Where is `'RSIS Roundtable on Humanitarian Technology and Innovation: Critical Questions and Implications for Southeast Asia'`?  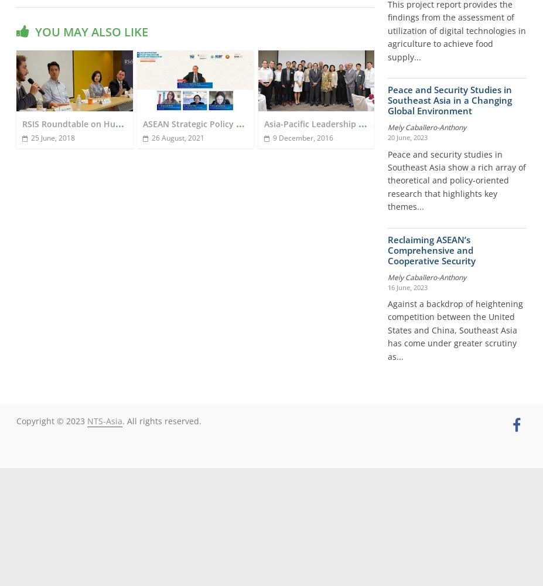 'RSIS Roundtable on Humanitarian Technology and Innovation: Critical Questions and Implications for Southeast Asia' is located at coordinates (256, 123).